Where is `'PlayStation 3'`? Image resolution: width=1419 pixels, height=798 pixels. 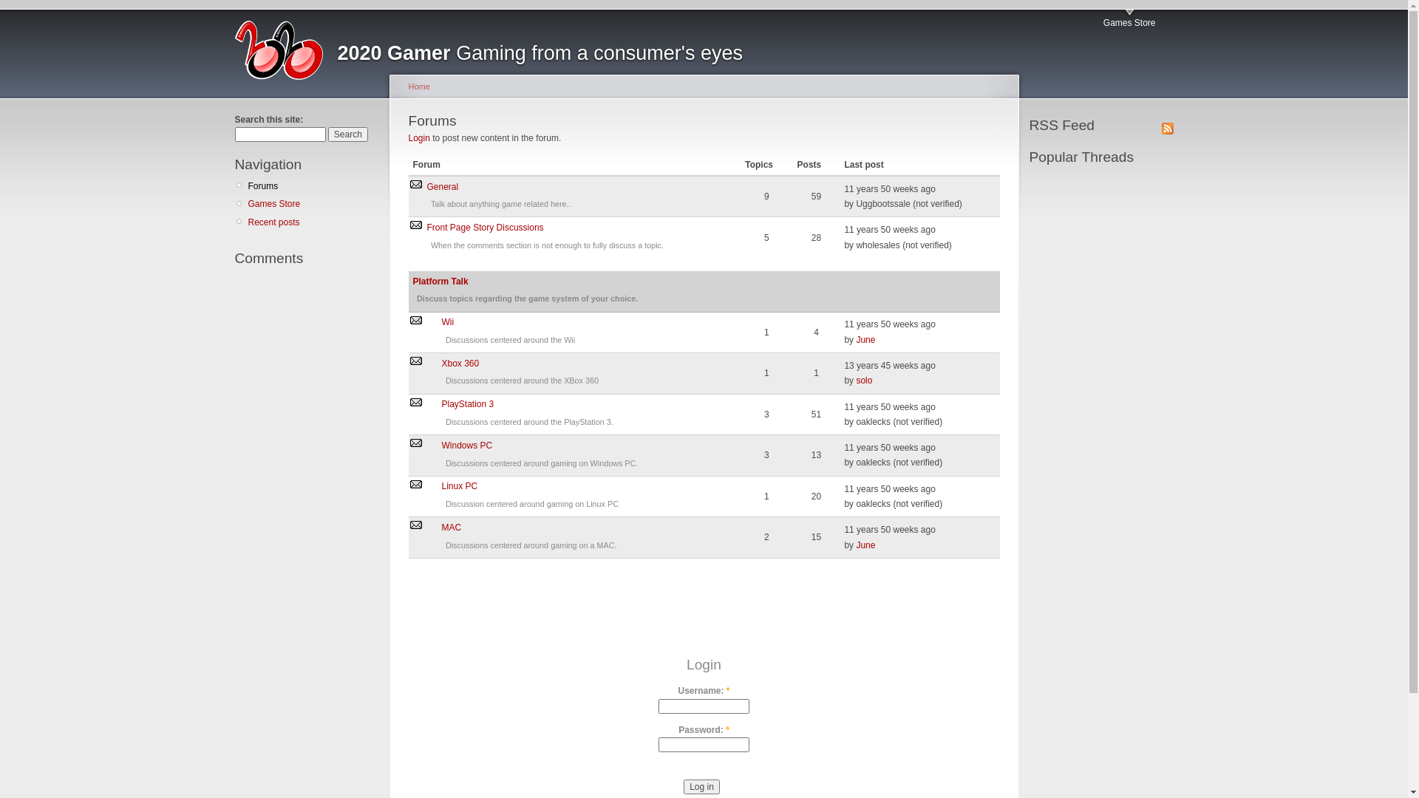
'PlayStation 3' is located at coordinates (467, 404).